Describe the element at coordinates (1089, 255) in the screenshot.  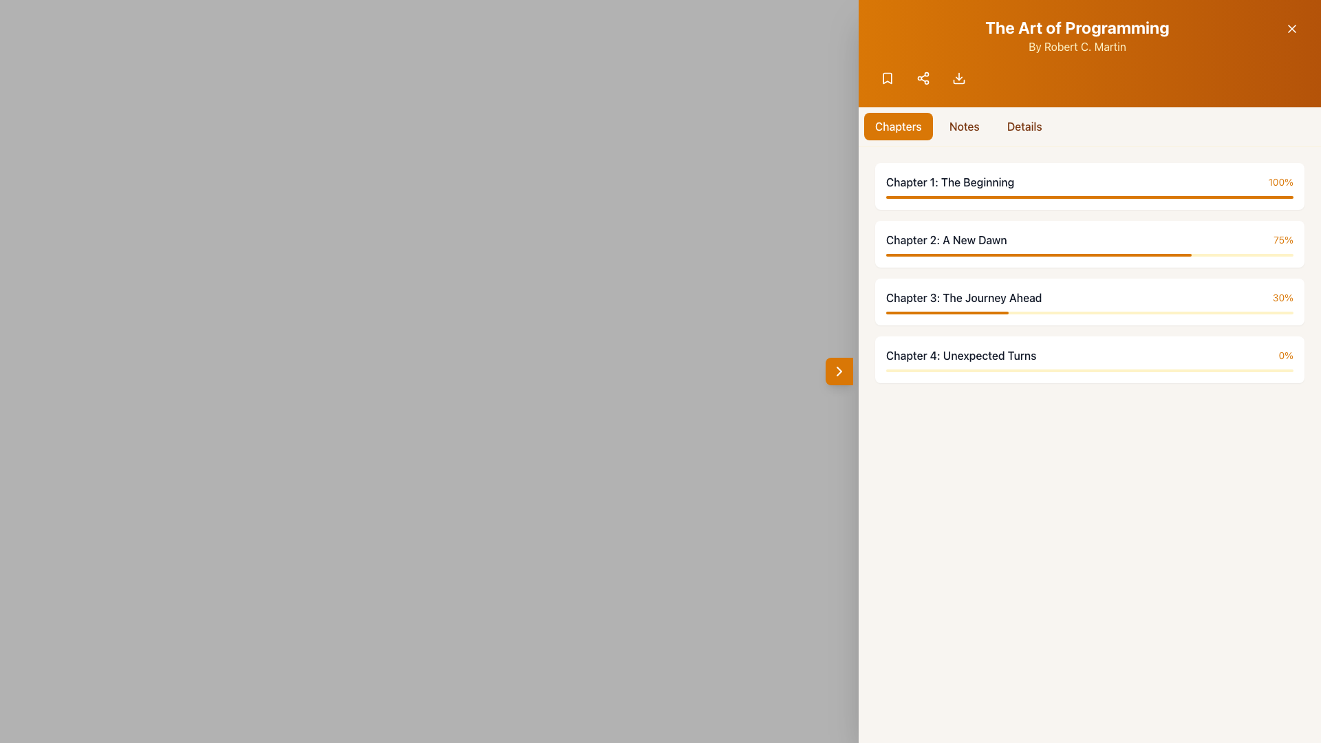
I see `the progress bar located at the bottom of the second chapter card, which visually represents 75% completion of the chapter` at that location.